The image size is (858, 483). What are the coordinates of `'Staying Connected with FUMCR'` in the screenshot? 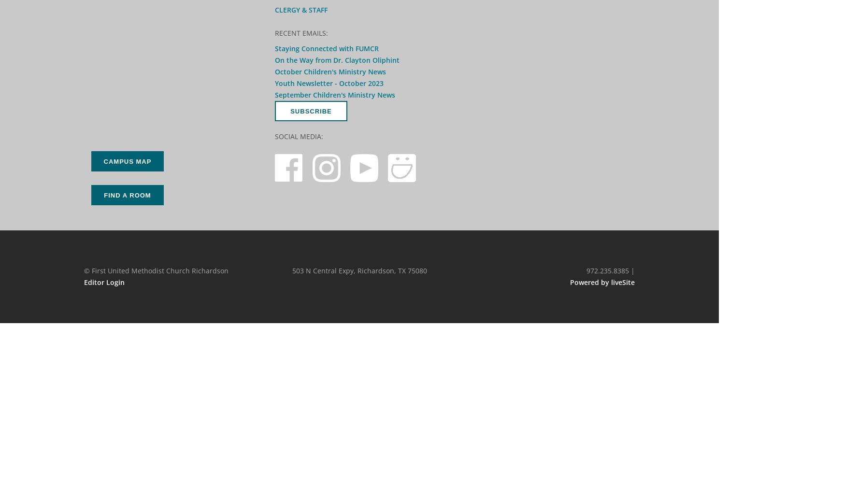 It's located at (327, 48).